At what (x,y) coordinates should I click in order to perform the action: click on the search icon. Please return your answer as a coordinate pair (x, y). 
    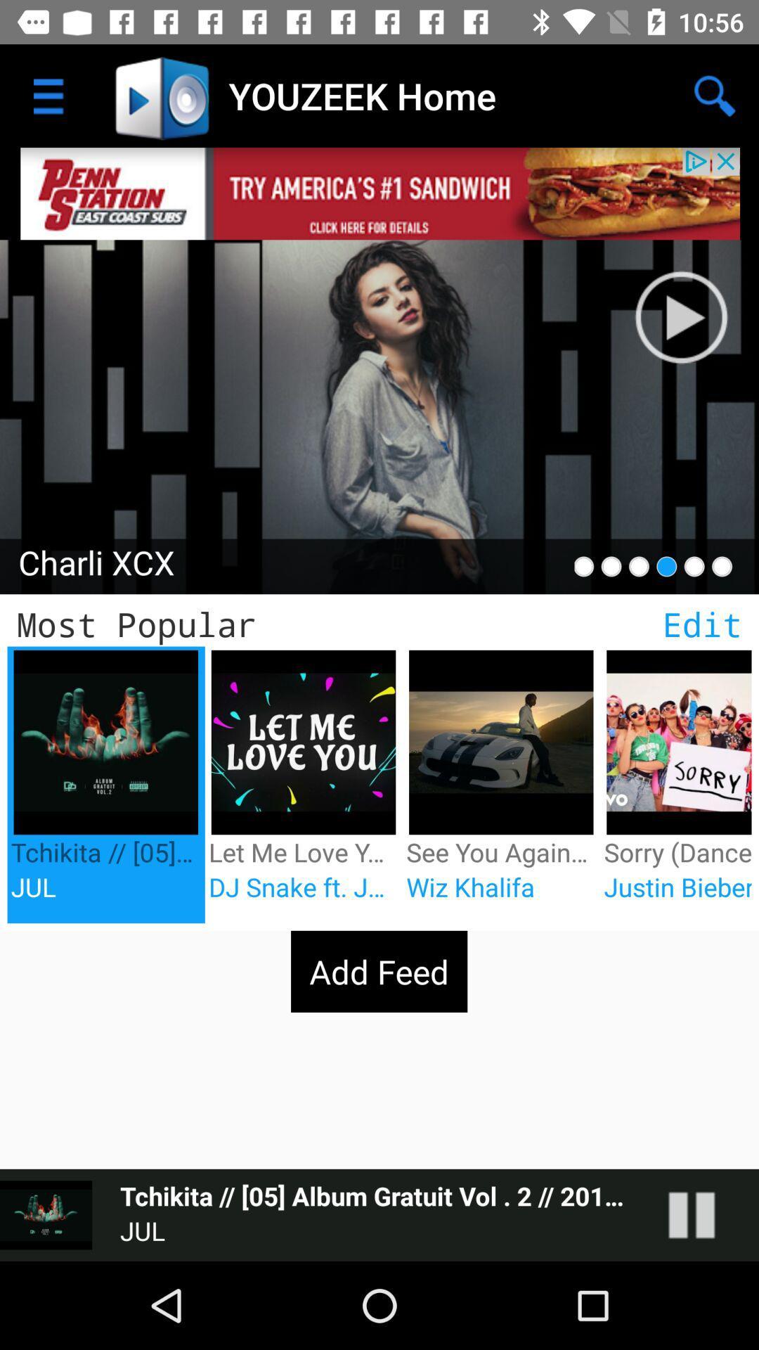
    Looking at the image, I should click on (715, 96).